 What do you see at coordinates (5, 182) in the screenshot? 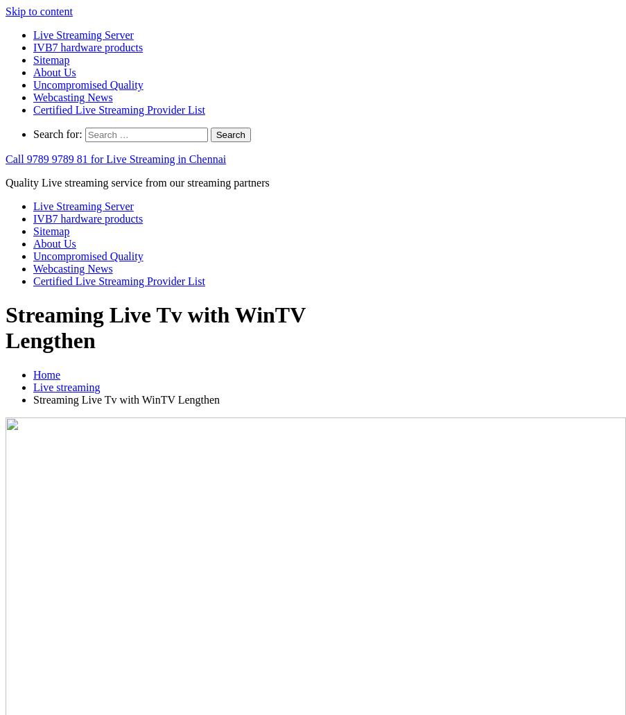
I see `'Quality Live streaming service from our streaming partners'` at bounding box center [5, 182].